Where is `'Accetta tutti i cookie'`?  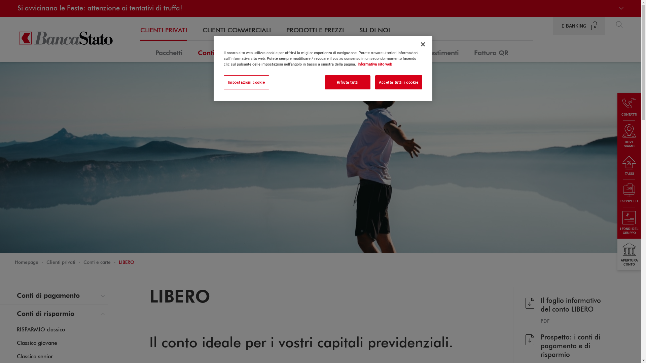 'Accetta tutti i cookie' is located at coordinates (399, 82).